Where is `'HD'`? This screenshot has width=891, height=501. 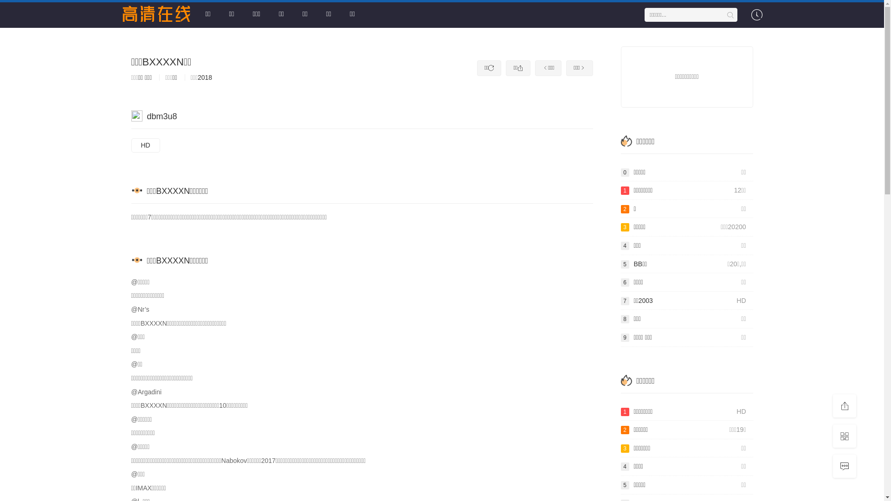 'HD' is located at coordinates (144, 145).